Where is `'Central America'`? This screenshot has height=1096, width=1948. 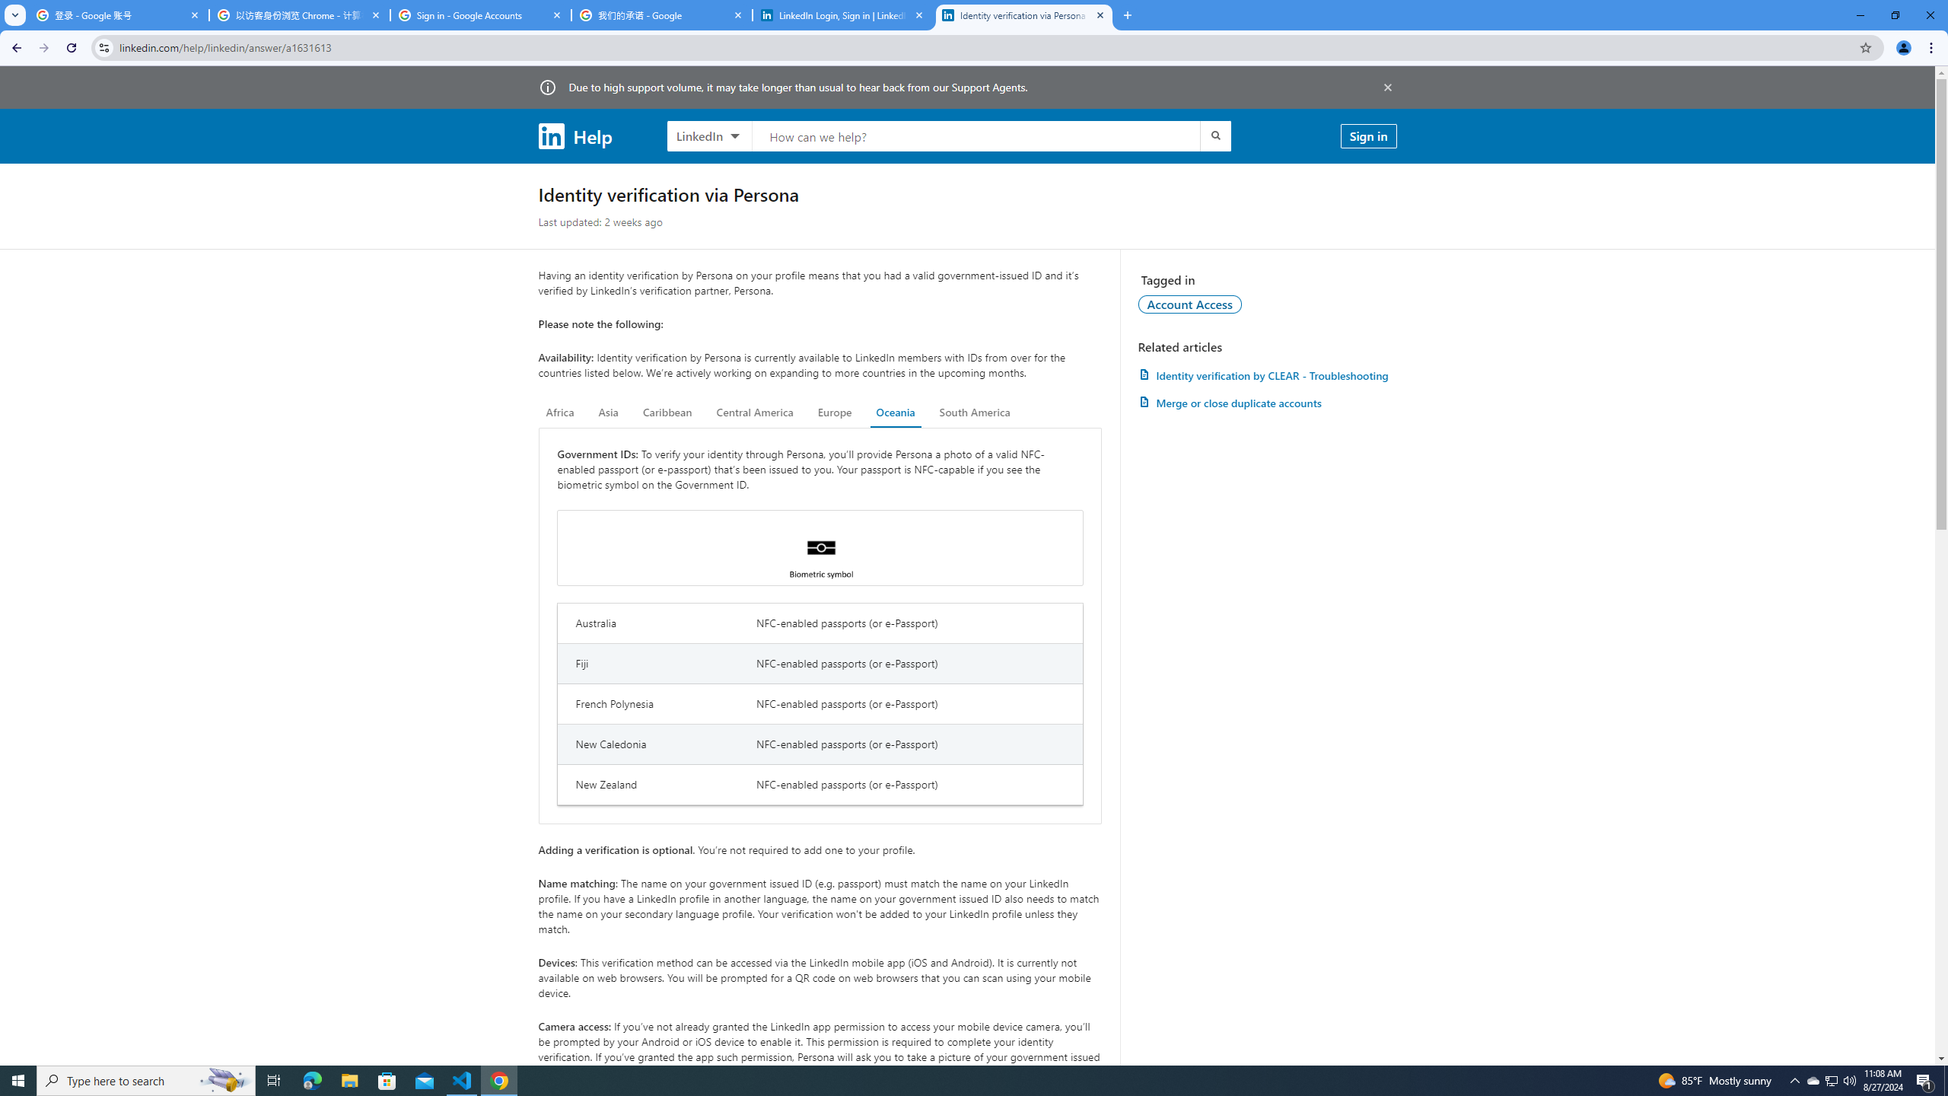
'Central America' is located at coordinates (754, 412).